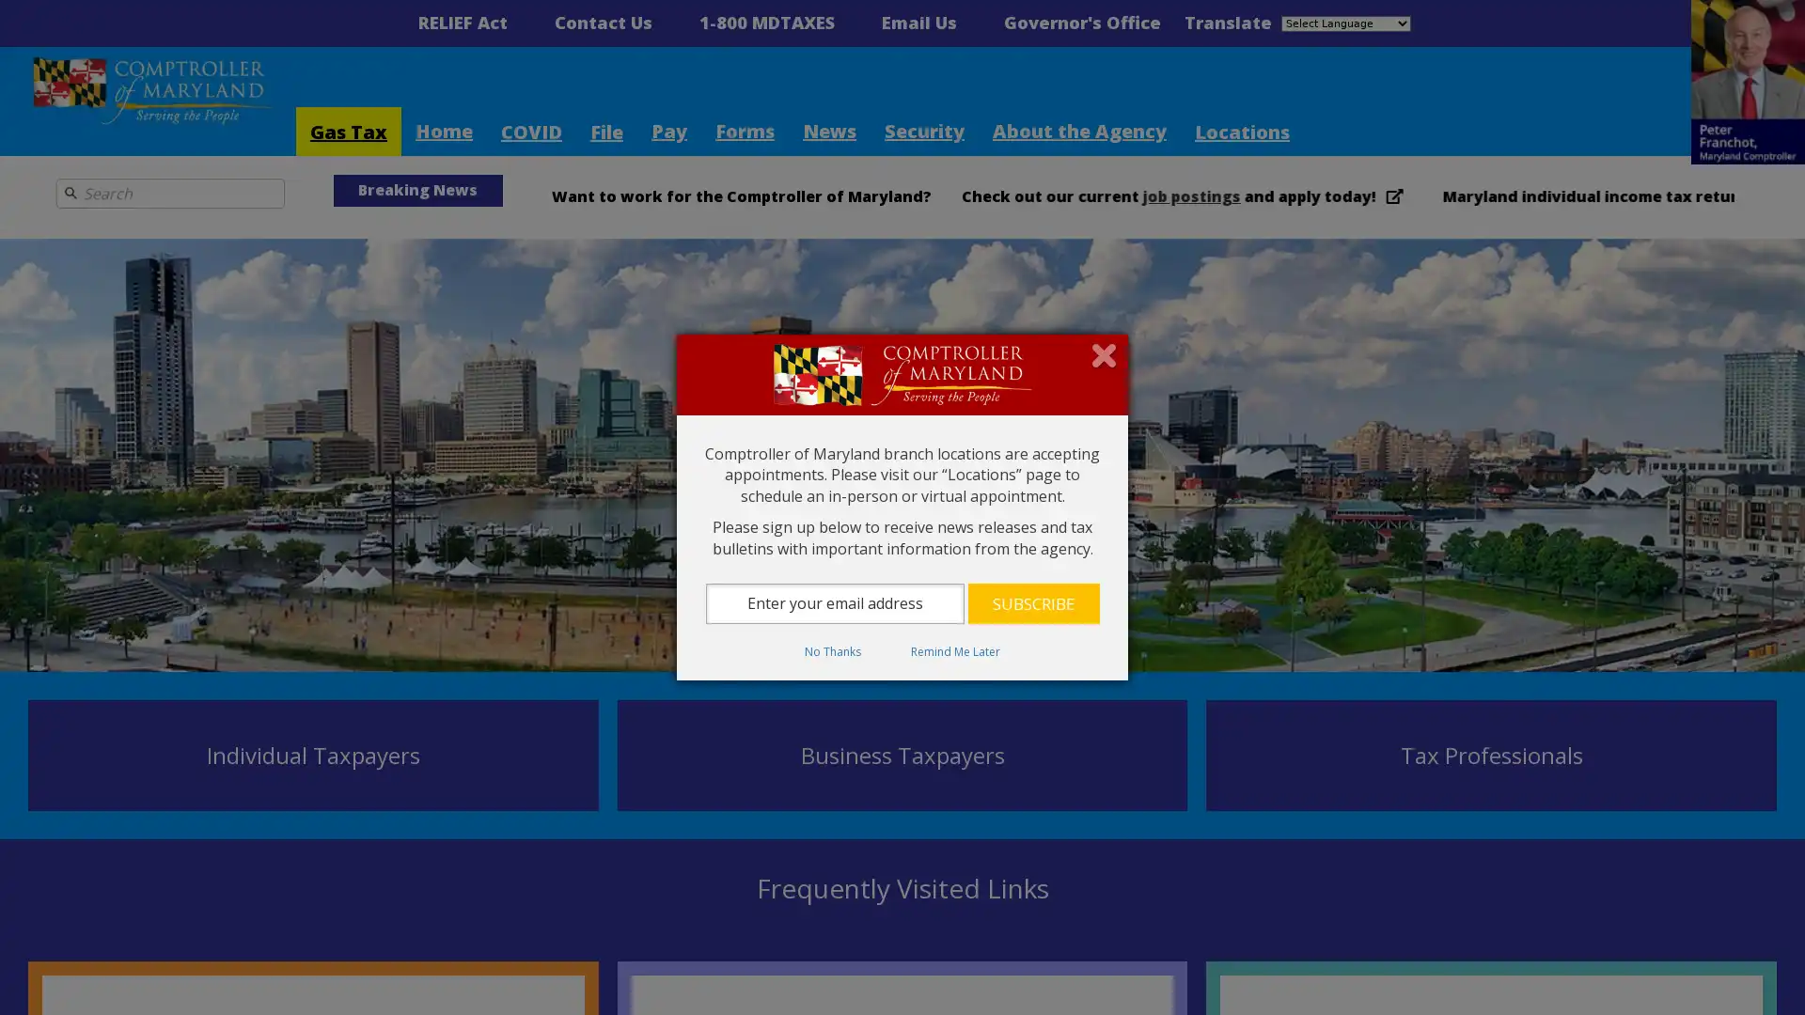 This screenshot has height=1015, width=1805. What do you see at coordinates (832, 651) in the screenshot?
I see `No Thanks` at bounding box center [832, 651].